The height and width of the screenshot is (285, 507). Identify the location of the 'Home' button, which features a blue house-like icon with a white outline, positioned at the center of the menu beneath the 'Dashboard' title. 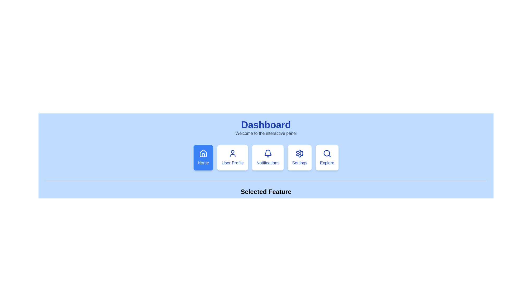
(203, 154).